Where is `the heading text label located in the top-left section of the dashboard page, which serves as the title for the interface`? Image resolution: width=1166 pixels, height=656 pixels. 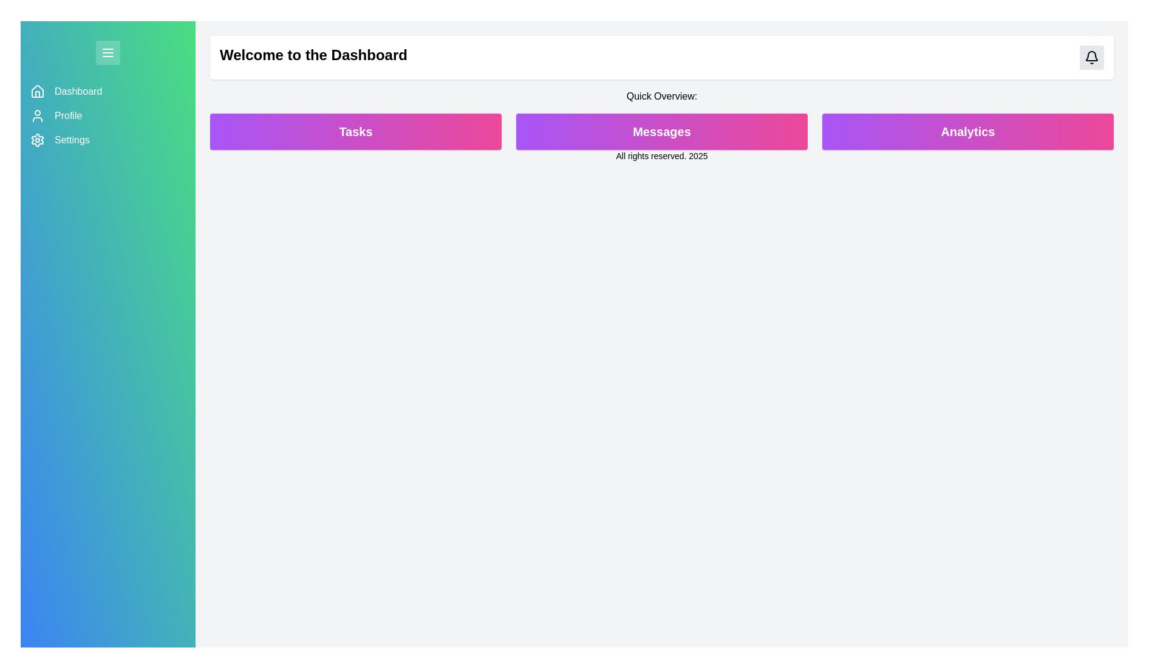
the heading text label located in the top-left section of the dashboard page, which serves as the title for the interface is located at coordinates (313, 58).